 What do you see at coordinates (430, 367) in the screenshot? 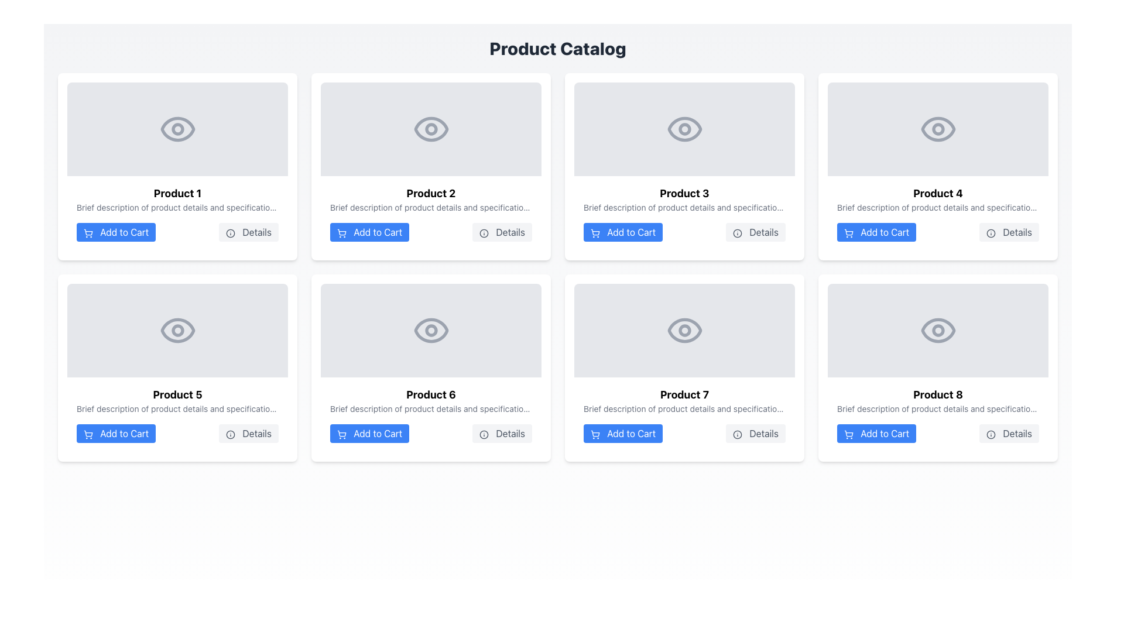
I see `the 'Details' button on the white card labeled 'Product 6' located in the second row and second column of the product grid` at bounding box center [430, 367].